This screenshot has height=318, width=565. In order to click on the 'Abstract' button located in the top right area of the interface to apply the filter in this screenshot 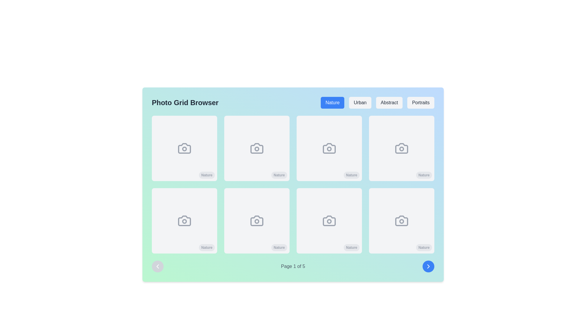, I will do `click(389, 102)`.